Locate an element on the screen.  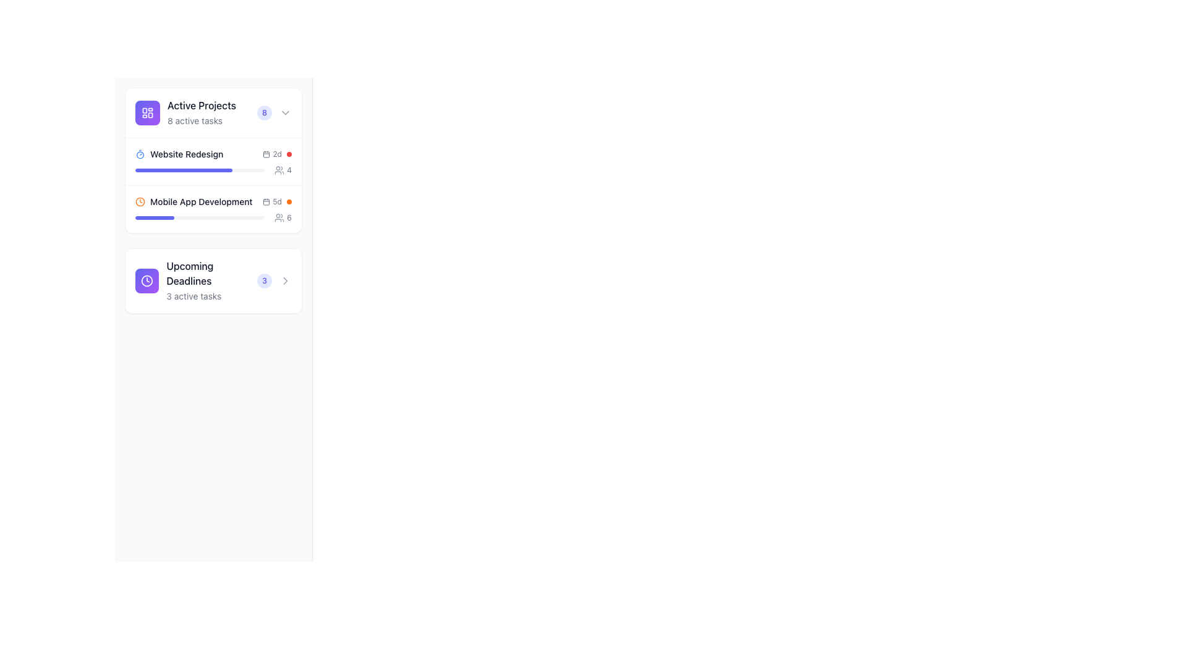
the clock icon represented by the circular outline of the SVG Circle Component located next to 'Website Redesign' is located at coordinates (147, 281).